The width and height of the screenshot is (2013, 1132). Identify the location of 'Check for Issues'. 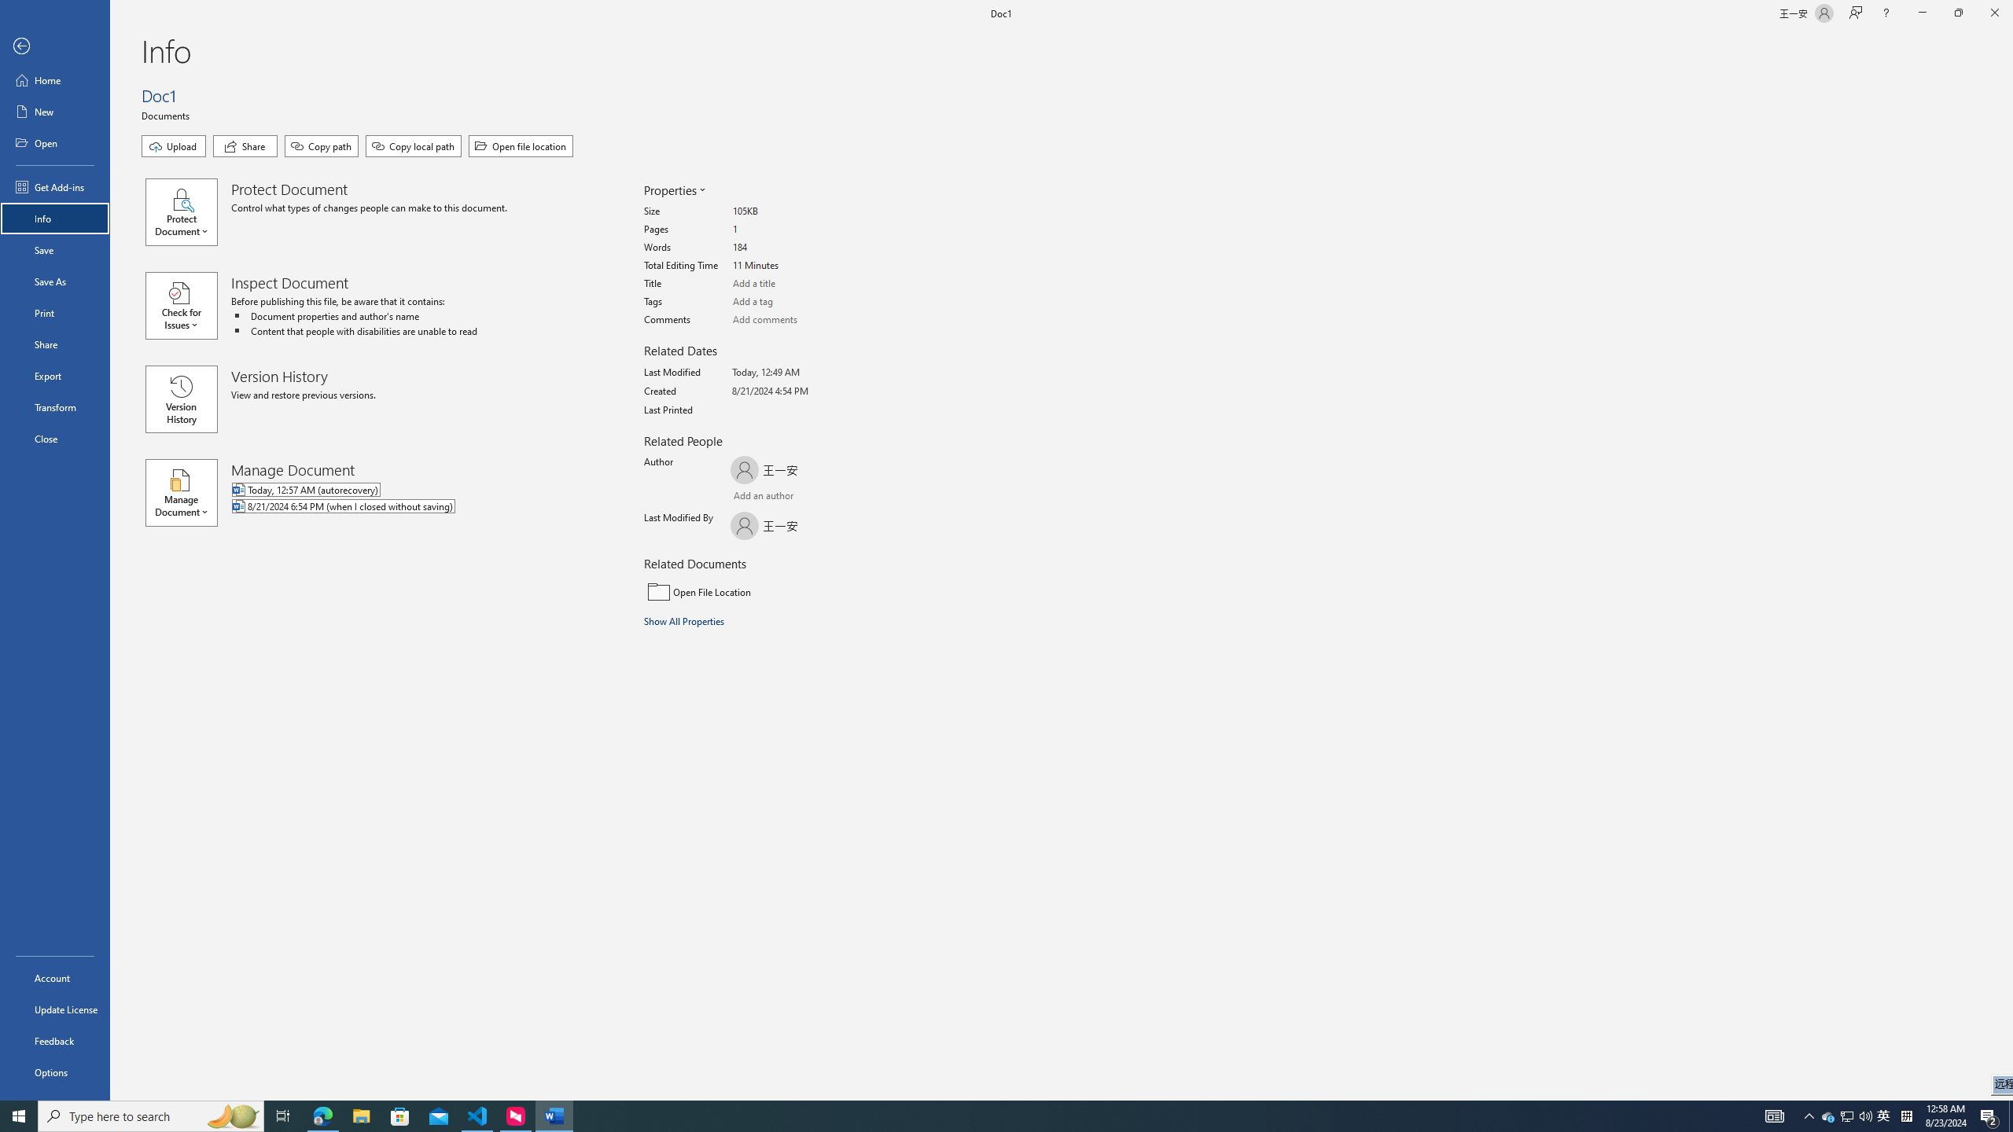
(188, 304).